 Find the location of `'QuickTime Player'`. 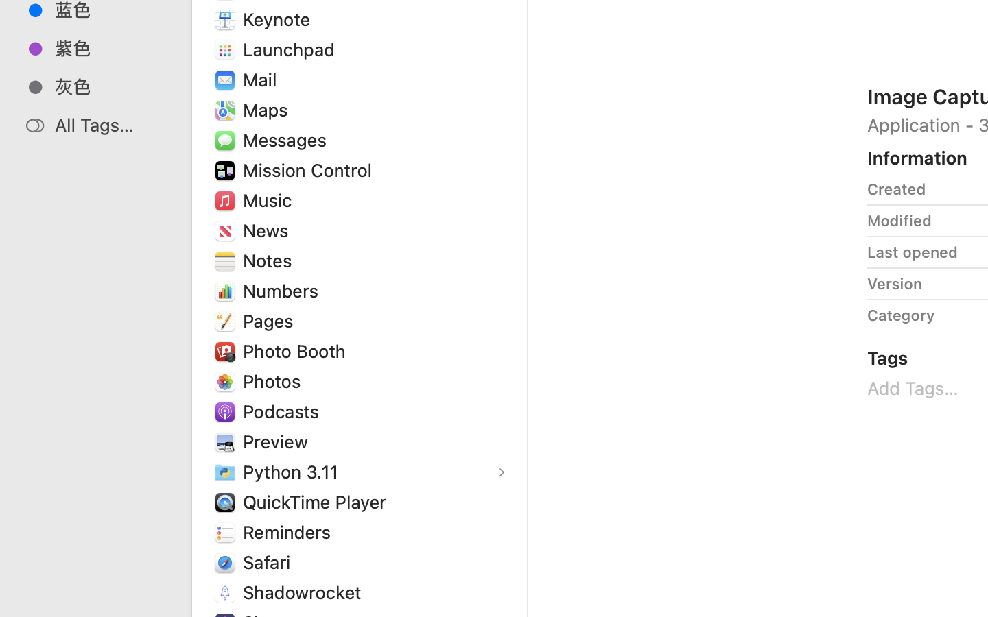

'QuickTime Player' is located at coordinates (317, 500).